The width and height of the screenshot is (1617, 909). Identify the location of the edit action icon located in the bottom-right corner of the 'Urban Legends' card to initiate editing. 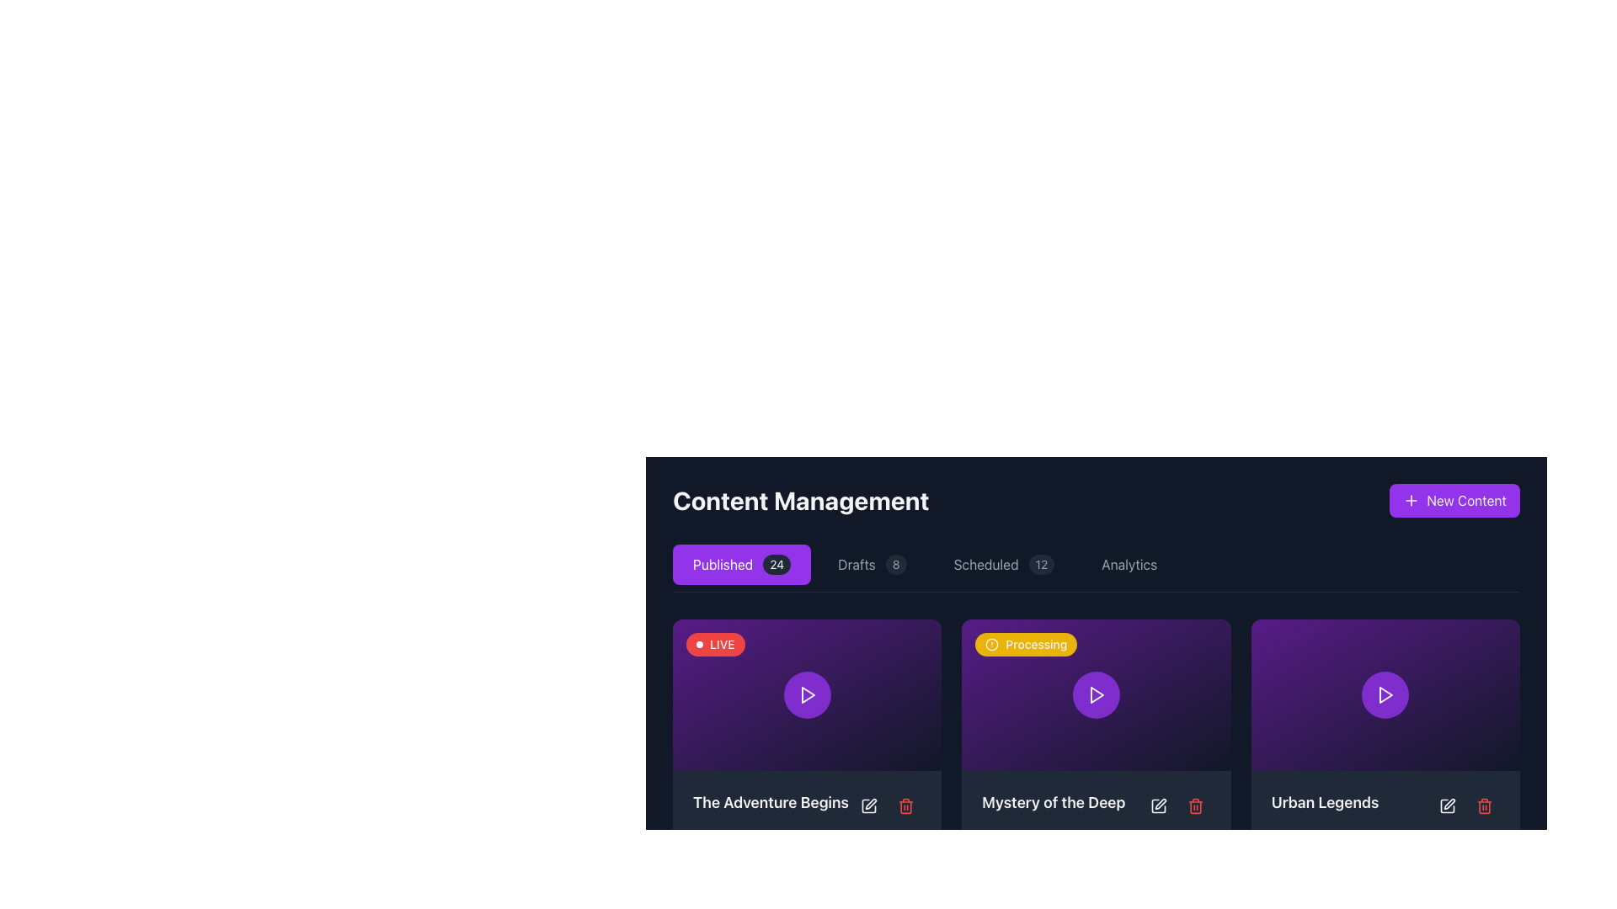
(1449, 803).